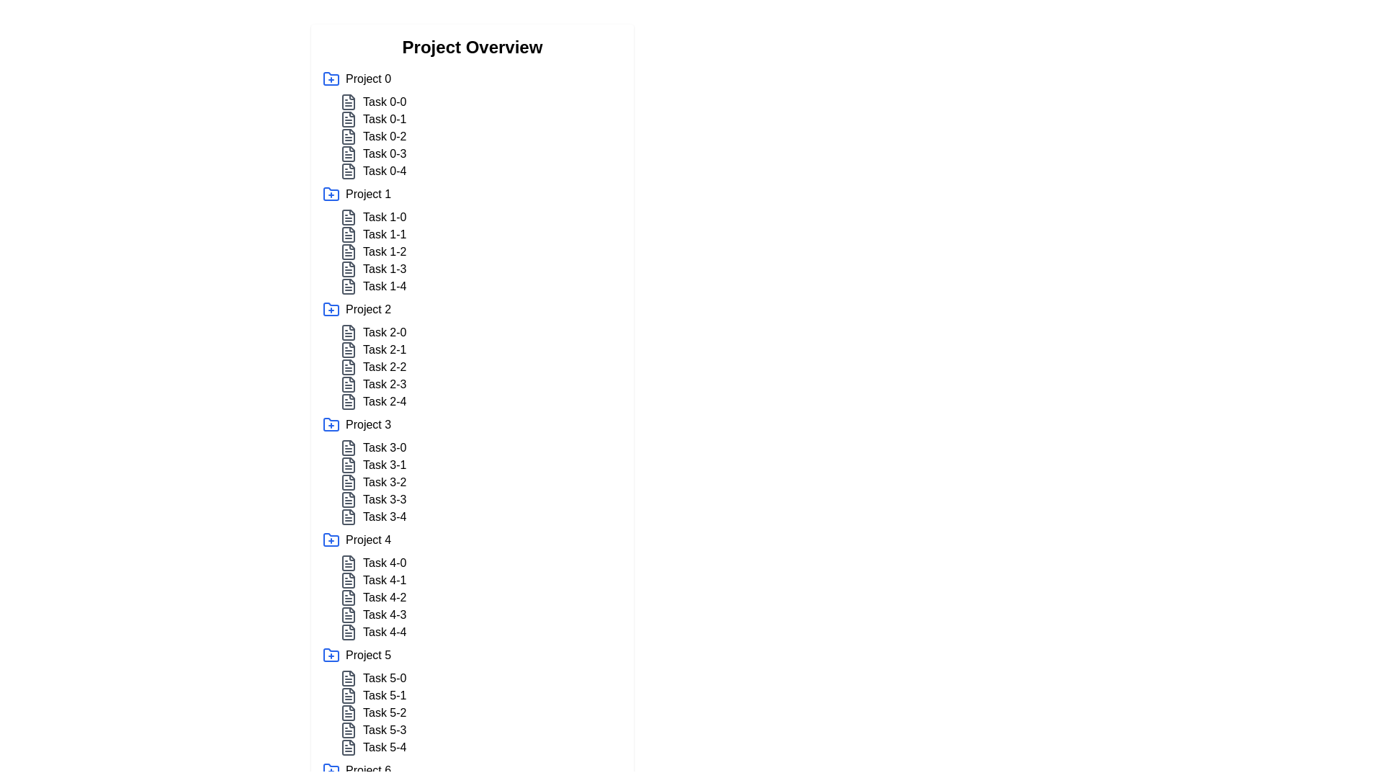  Describe the element at coordinates (385, 678) in the screenshot. I see `the Text Label displaying 'Task 5-0' which is the first entry under the 'Project 5' heading` at that location.